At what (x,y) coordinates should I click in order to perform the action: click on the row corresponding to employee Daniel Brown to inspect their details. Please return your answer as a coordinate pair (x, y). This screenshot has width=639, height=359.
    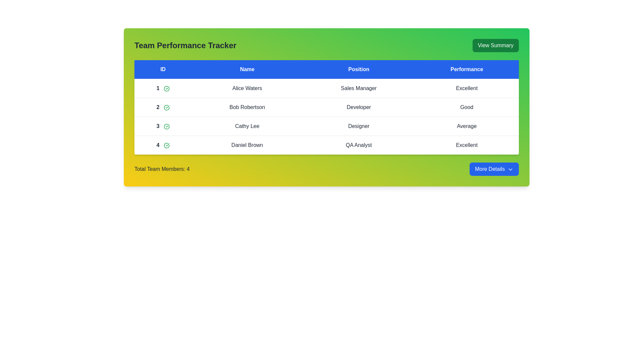
    Looking at the image, I should click on (247, 145).